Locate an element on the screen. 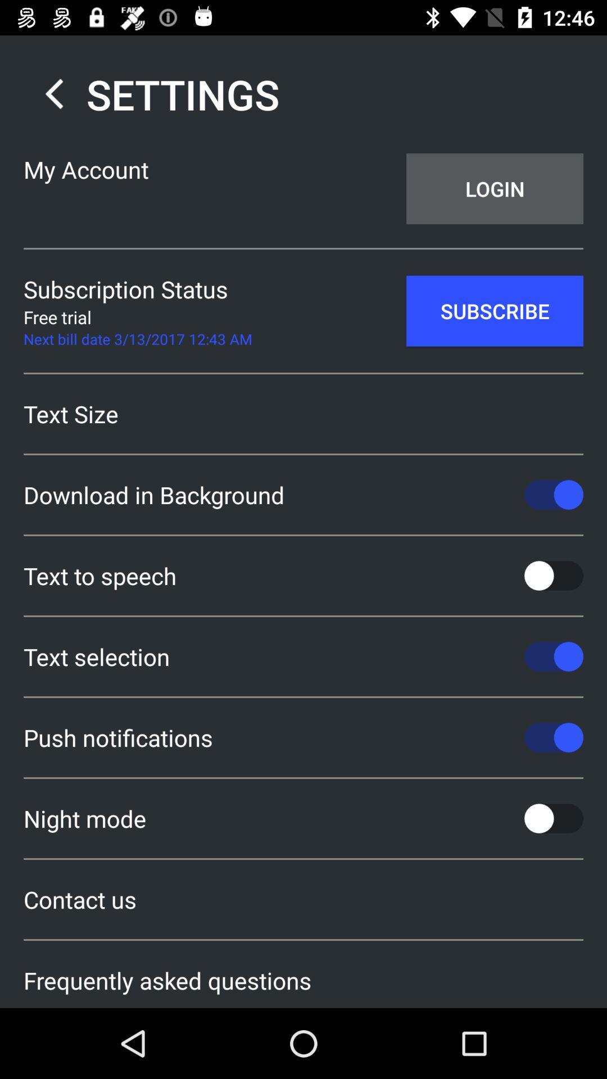  the item to the right of my account app is located at coordinates (494, 189).